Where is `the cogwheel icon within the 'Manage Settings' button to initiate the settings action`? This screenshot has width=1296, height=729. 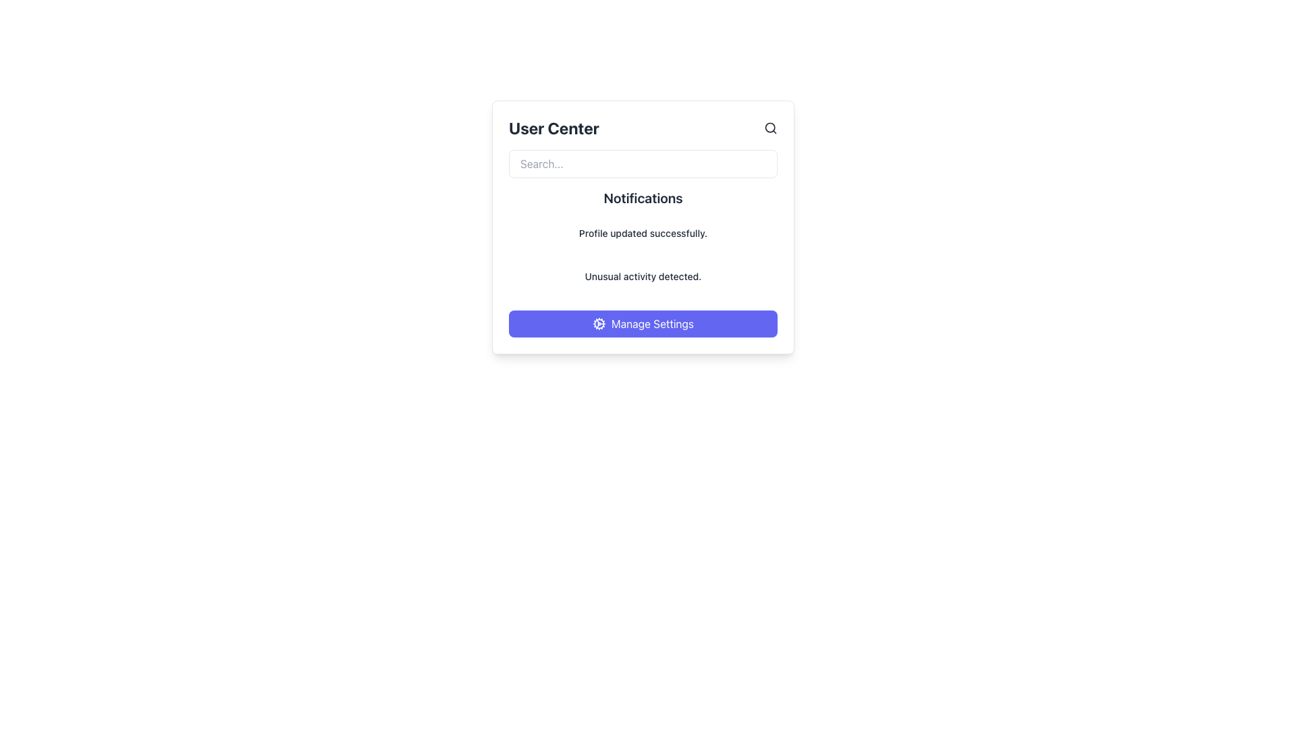 the cogwheel icon within the 'Manage Settings' button to initiate the settings action is located at coordinates (599, 323).